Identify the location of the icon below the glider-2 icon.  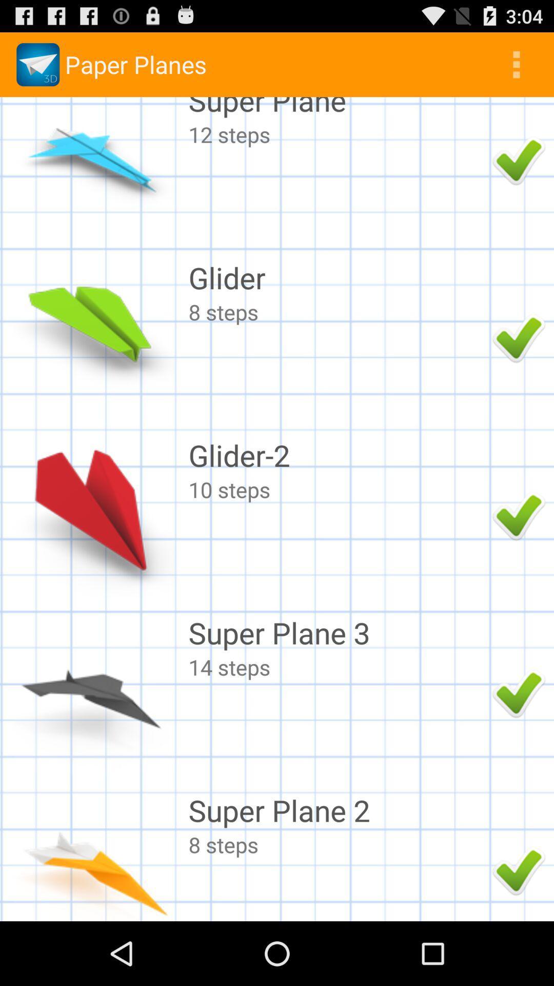
(338, 489).